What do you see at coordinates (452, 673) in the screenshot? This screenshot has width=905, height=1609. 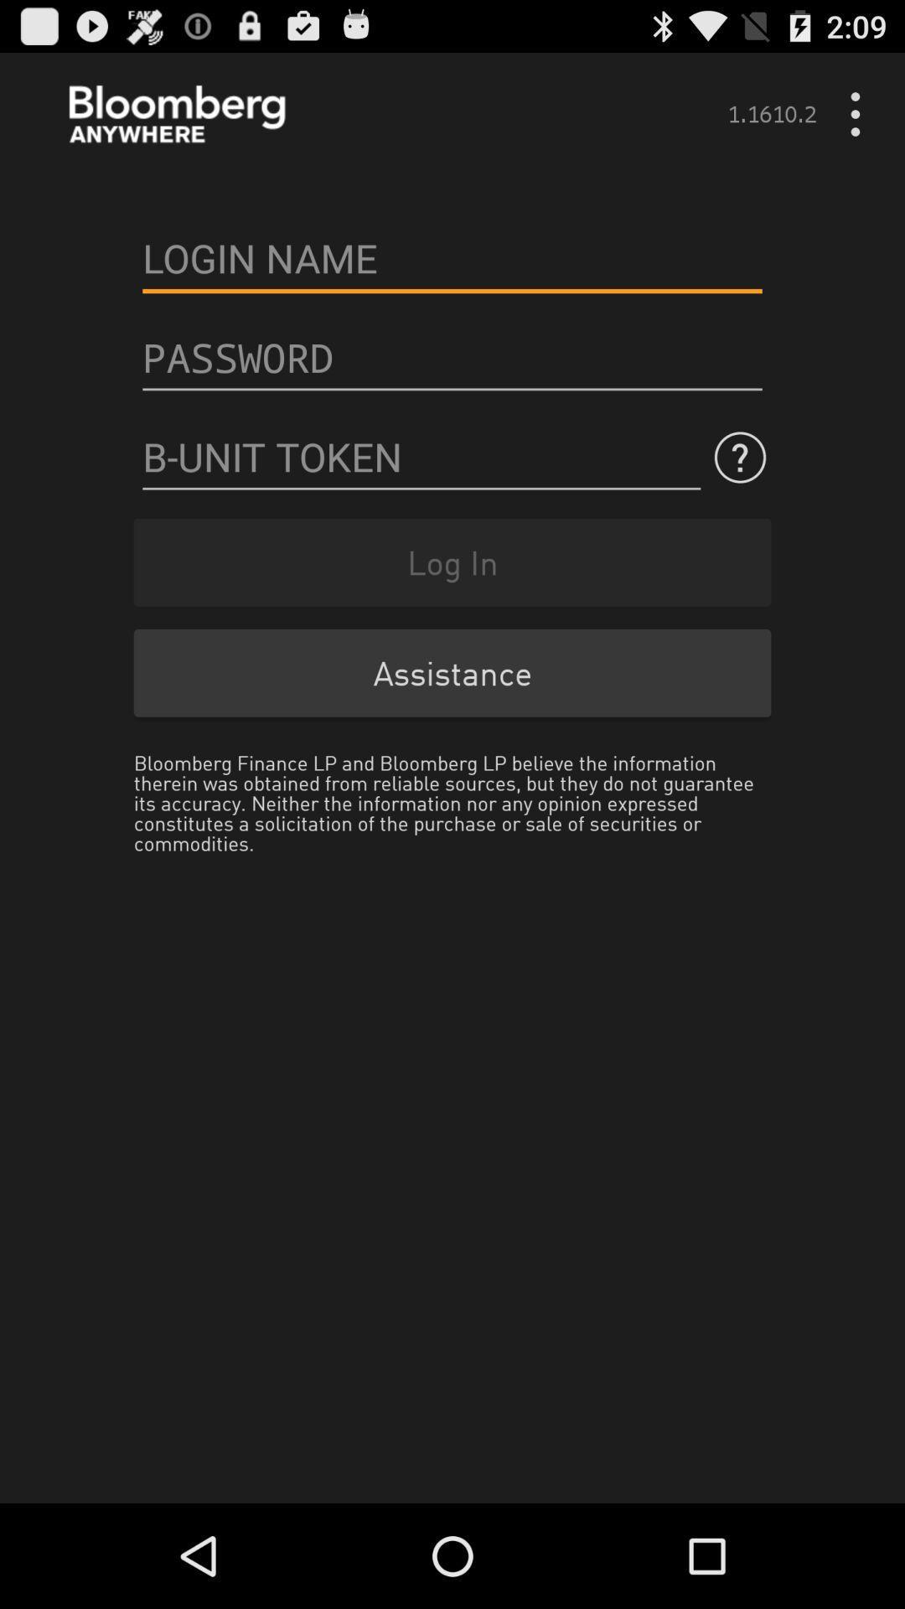 I see `the item below log in item` at bounding box center [452, 673].